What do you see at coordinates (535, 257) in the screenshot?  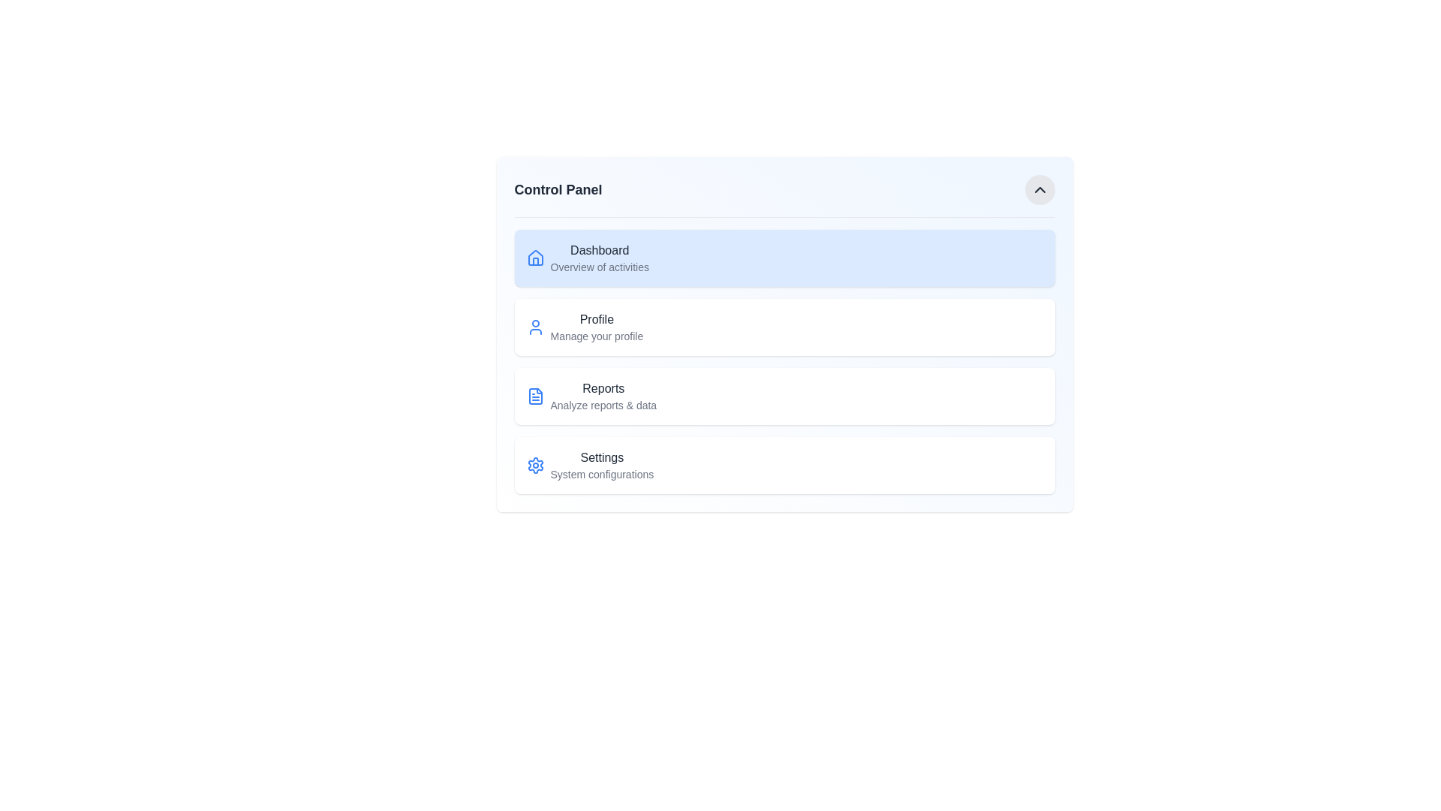 I see `the Dashboard icon located to the left of the 'Dashboard' label` at bounding box center [535, 257].